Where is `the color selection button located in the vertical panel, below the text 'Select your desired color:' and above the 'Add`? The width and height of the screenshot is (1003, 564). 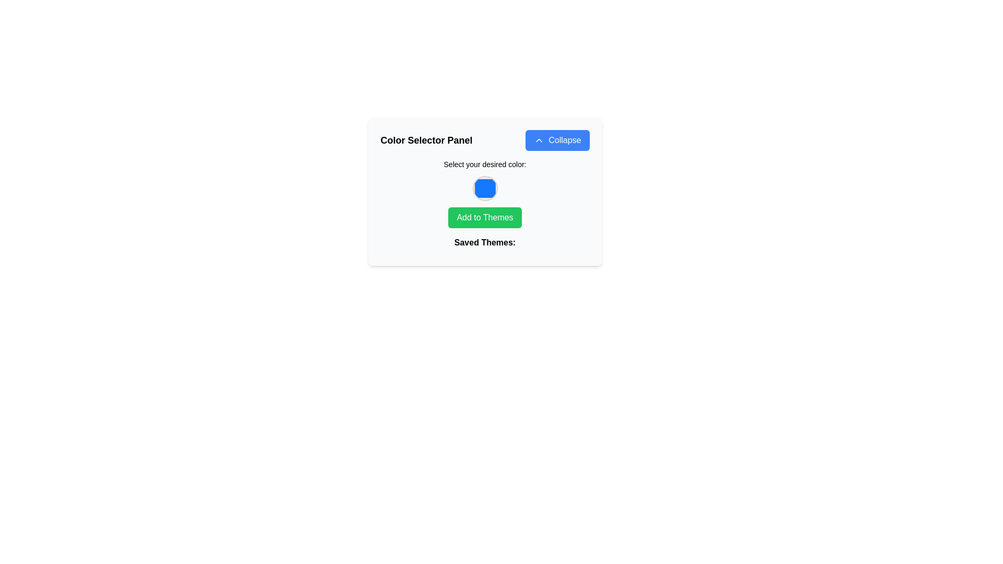 the color selection button located in the vertical panel, below the text 'Select your desired color:' and above the 'Add is located at coordinates (484, 189).